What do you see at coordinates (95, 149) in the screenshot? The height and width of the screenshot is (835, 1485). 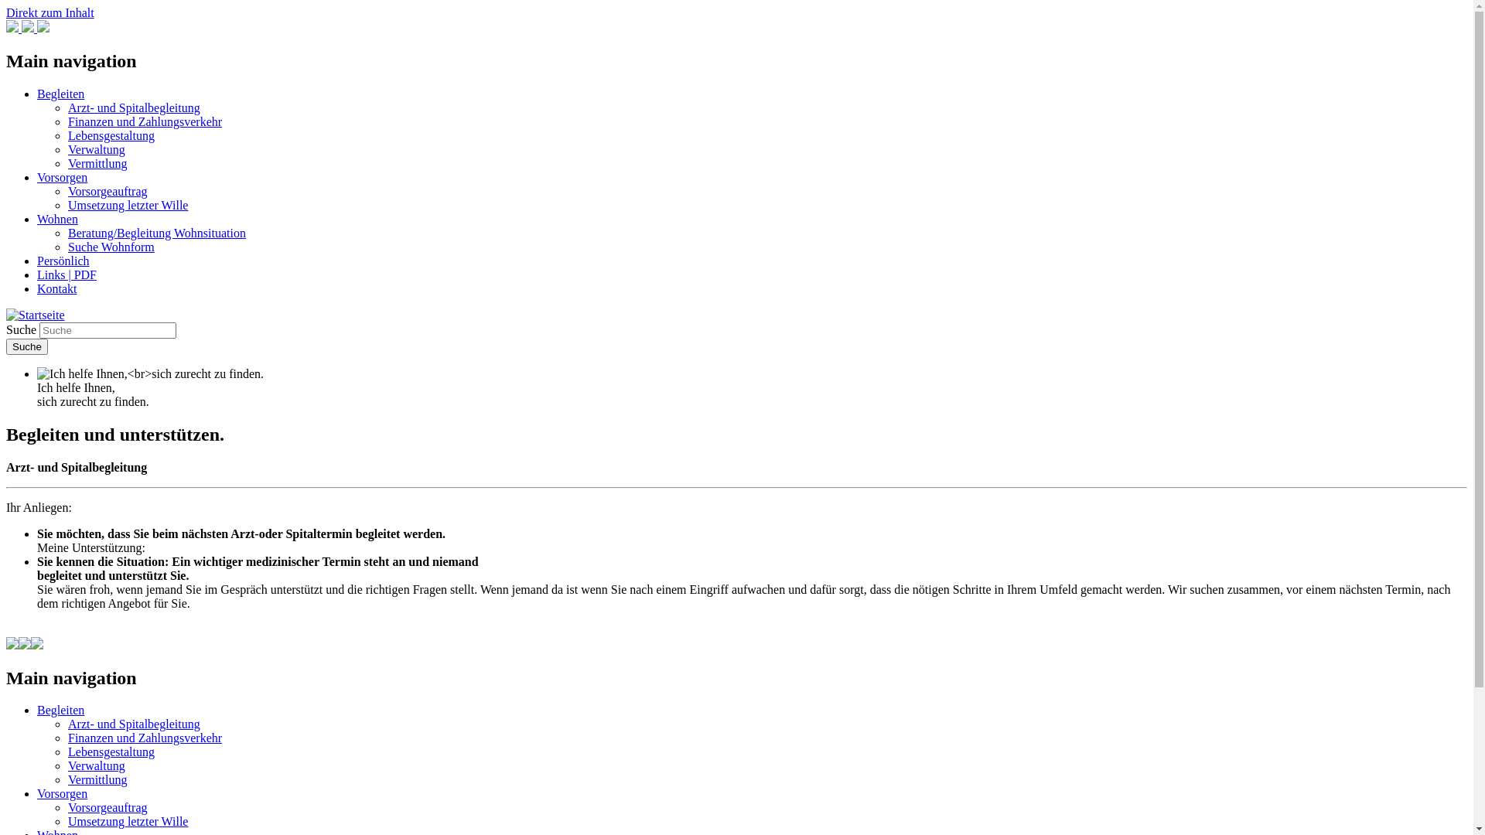 I see `'Verwaltung'` at bounding box center [95, 149].